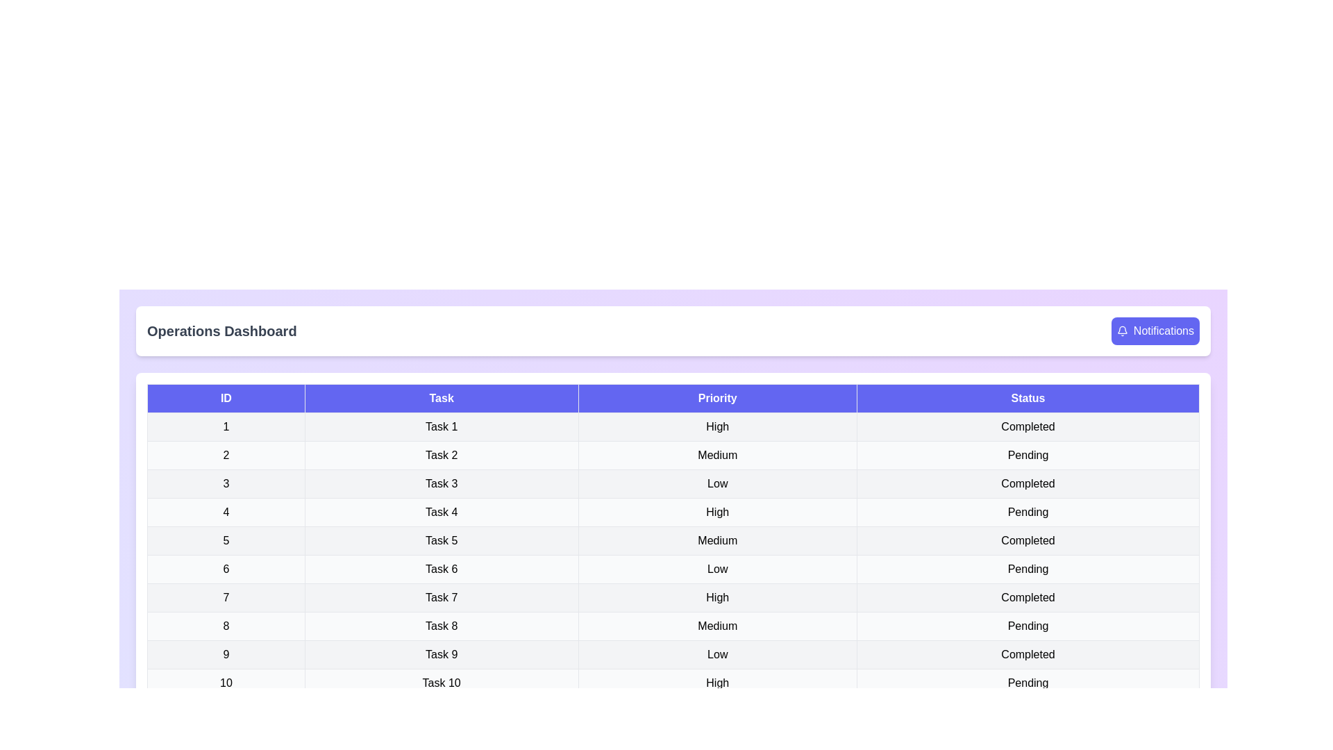 The height and width of the screenshot is (750, 1333). What do you see at coordinates (1155, 331) in the screenshot?
I see `the 'Notifications' button to view alerts` at bounding box center [1155, 331].